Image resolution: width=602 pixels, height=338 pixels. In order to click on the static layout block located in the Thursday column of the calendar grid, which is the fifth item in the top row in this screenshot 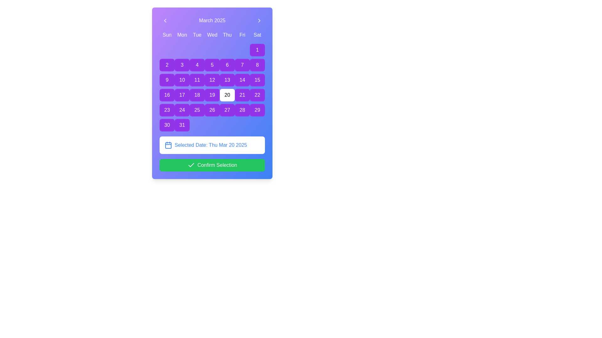, I will do `click(227, 49)`.